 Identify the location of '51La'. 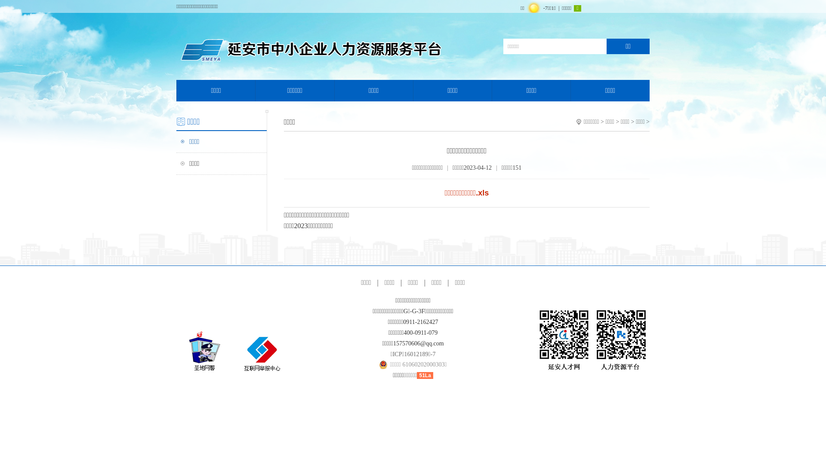
(425, 375).